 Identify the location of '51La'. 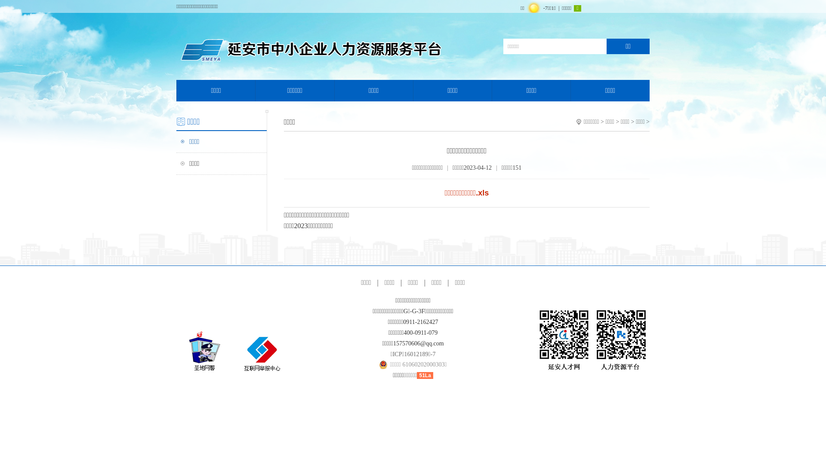
(425, 375).